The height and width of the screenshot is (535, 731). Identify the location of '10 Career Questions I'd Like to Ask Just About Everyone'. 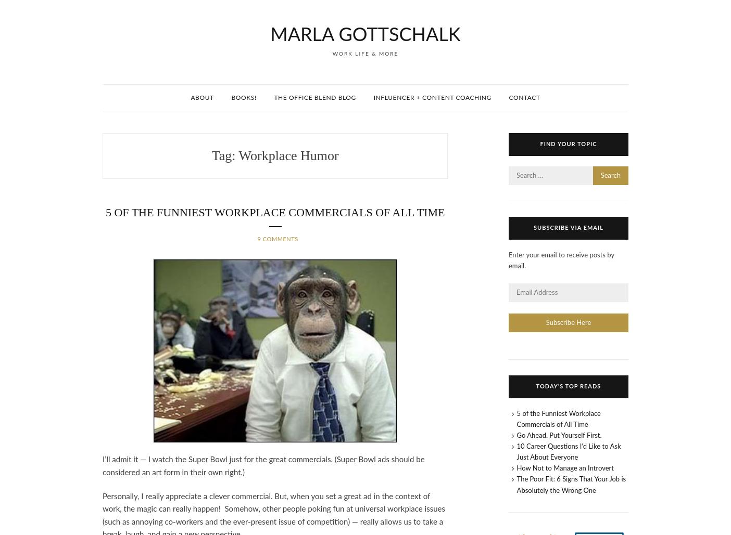
(568, 452).